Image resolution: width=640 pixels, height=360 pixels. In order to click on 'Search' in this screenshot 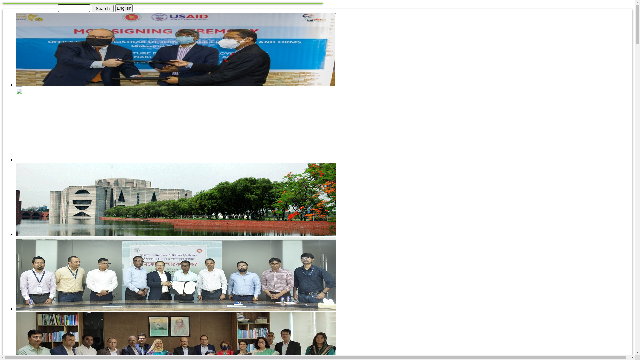, I will do `click(102, 8)`.